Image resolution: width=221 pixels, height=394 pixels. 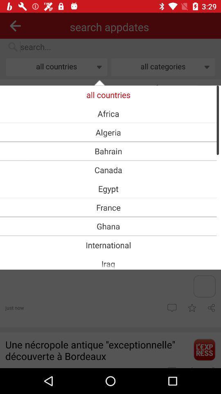 What do you see at coordinates (108, 188) in the screenshot?
I see `egypt` at bounding box center [108, 188].